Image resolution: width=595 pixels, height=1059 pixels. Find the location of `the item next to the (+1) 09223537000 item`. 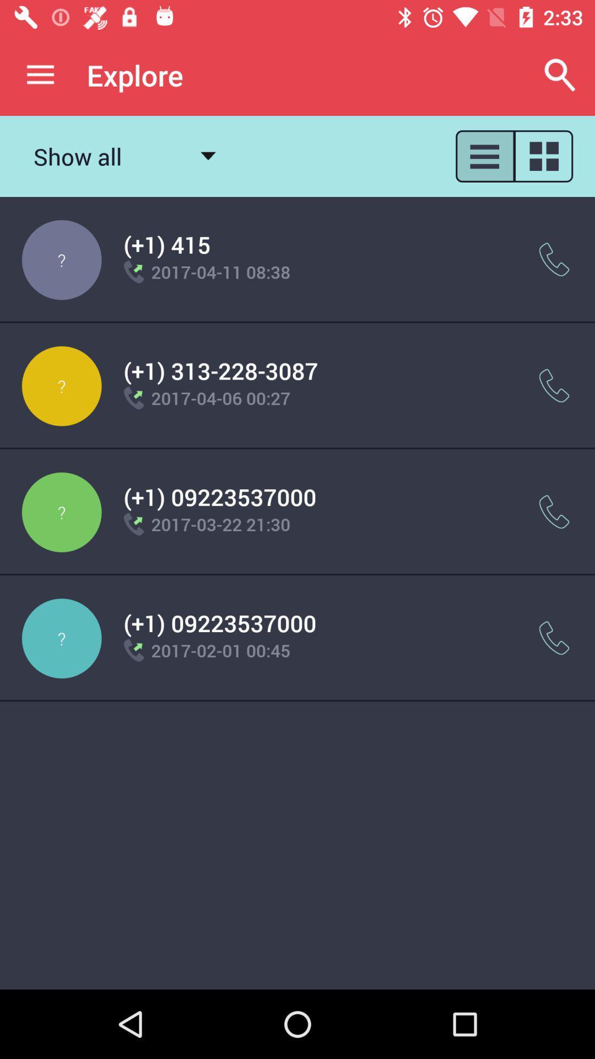

the item next to the (+1) 09223537000 item is located at coordinates (554, 638).